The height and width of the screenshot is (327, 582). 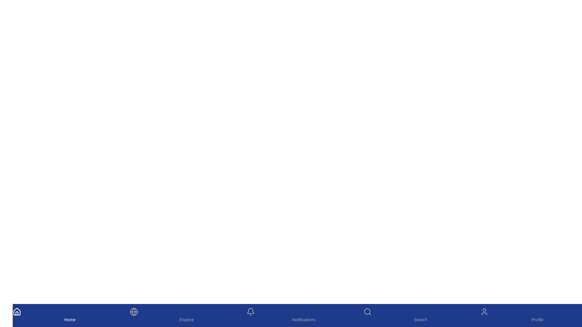 I want to click on the Home tab by clicking on its icon, so click(x=70, y=315).